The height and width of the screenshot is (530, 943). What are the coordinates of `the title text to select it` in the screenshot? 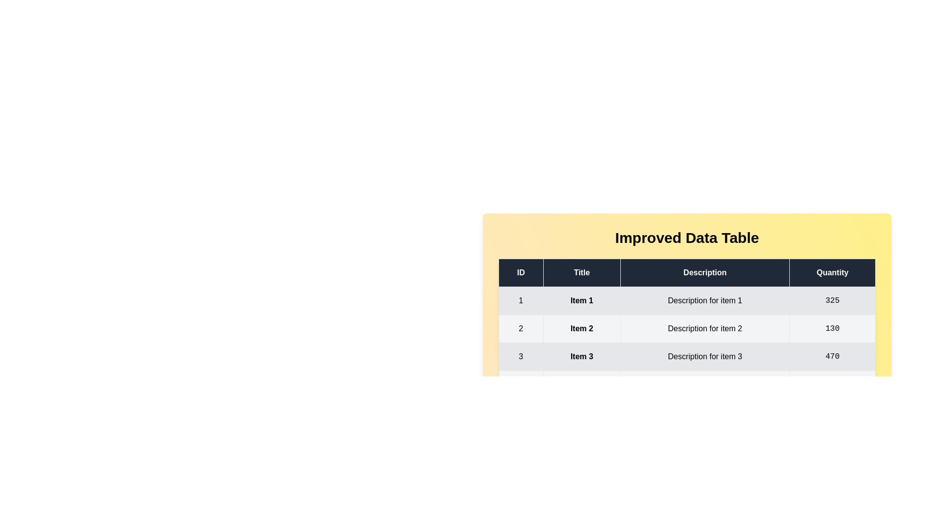 It's located at (686, 238).